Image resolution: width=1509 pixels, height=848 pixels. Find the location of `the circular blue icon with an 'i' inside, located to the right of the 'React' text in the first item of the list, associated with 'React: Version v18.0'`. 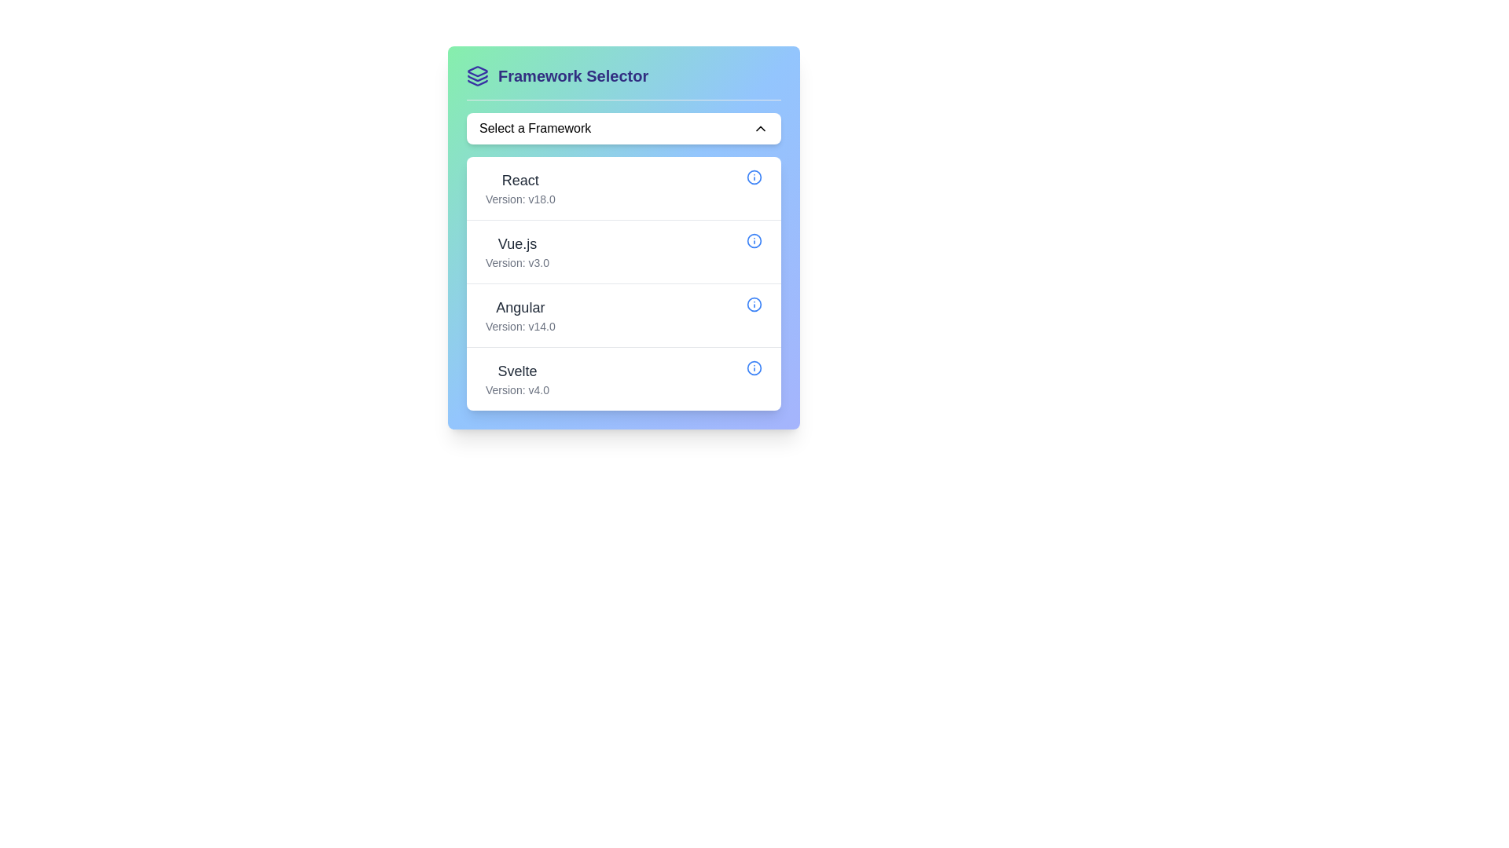

the circular blue icon with an 'i' inside, located to the right of the 'React' text in the first item of the list, associated with 'React: Version v18.0' is located at coordinates (754, 177).